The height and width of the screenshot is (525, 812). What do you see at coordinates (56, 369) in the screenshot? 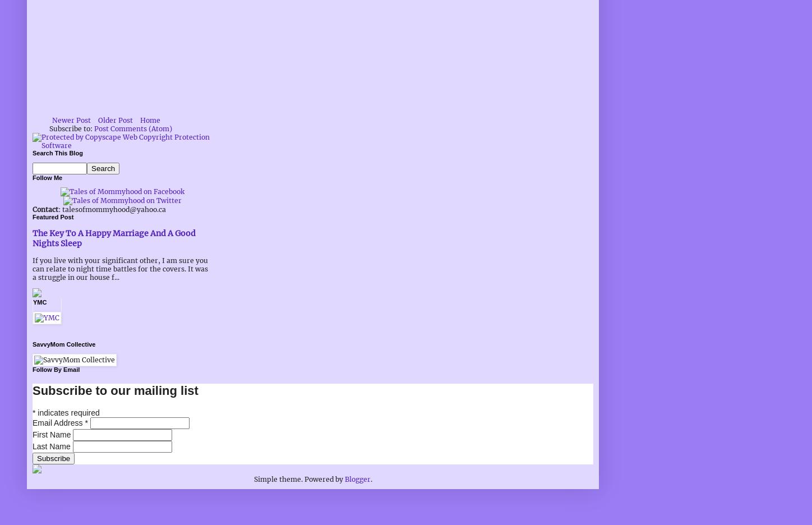
I see `'Follow By Email'` at bounding box center [56, 369].